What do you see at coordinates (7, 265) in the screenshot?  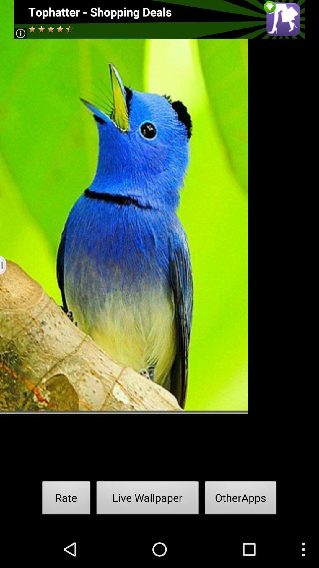 I see `option` at bounding box center [7, 265].